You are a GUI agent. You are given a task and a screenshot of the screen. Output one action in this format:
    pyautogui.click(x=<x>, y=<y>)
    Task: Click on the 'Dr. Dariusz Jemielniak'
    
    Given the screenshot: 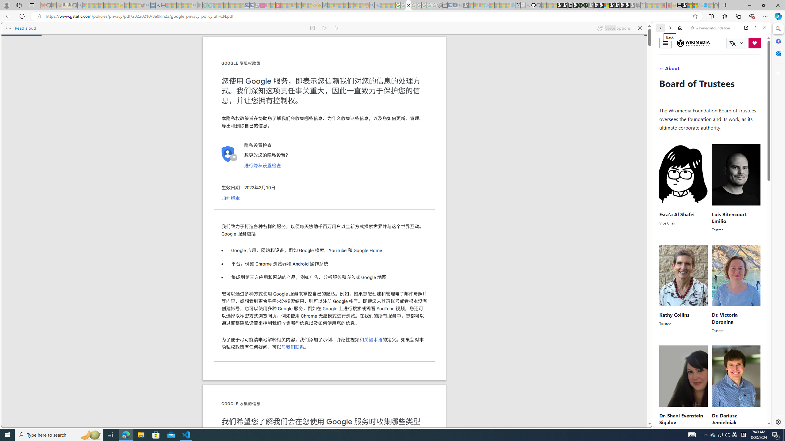 What is the action you would take?
    pyautogui.click(x=724, y=419)
    